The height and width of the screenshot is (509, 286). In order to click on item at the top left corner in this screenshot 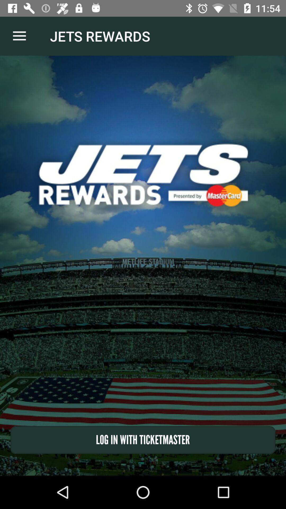, I will do `click(19, 36)`.